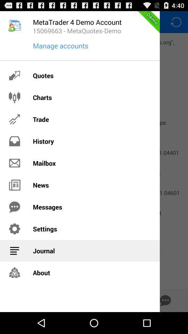 This screenshot has width=188, height=334. I want to click on the chat icon, so click(165, 321).